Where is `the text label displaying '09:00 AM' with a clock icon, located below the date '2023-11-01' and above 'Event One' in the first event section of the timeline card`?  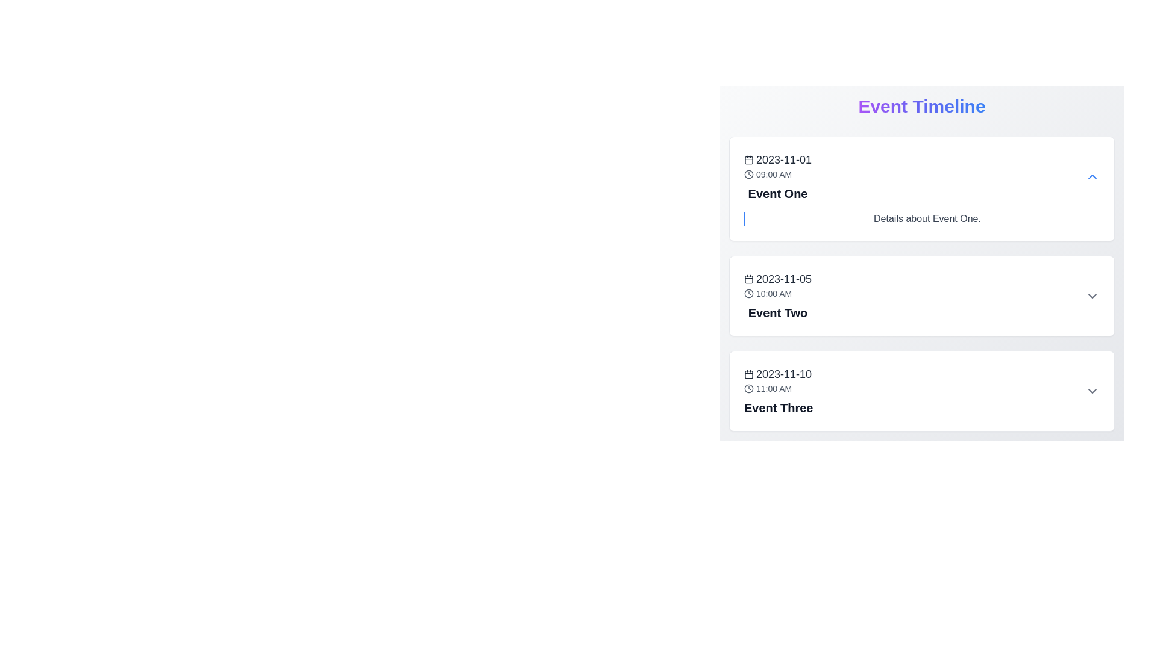 the text label displaying '09:00 AM' with a clock icon, located below the date '2023-11-01' and above 'Event One' in the first event section of the timeline card is located at coordinates (778, 174).